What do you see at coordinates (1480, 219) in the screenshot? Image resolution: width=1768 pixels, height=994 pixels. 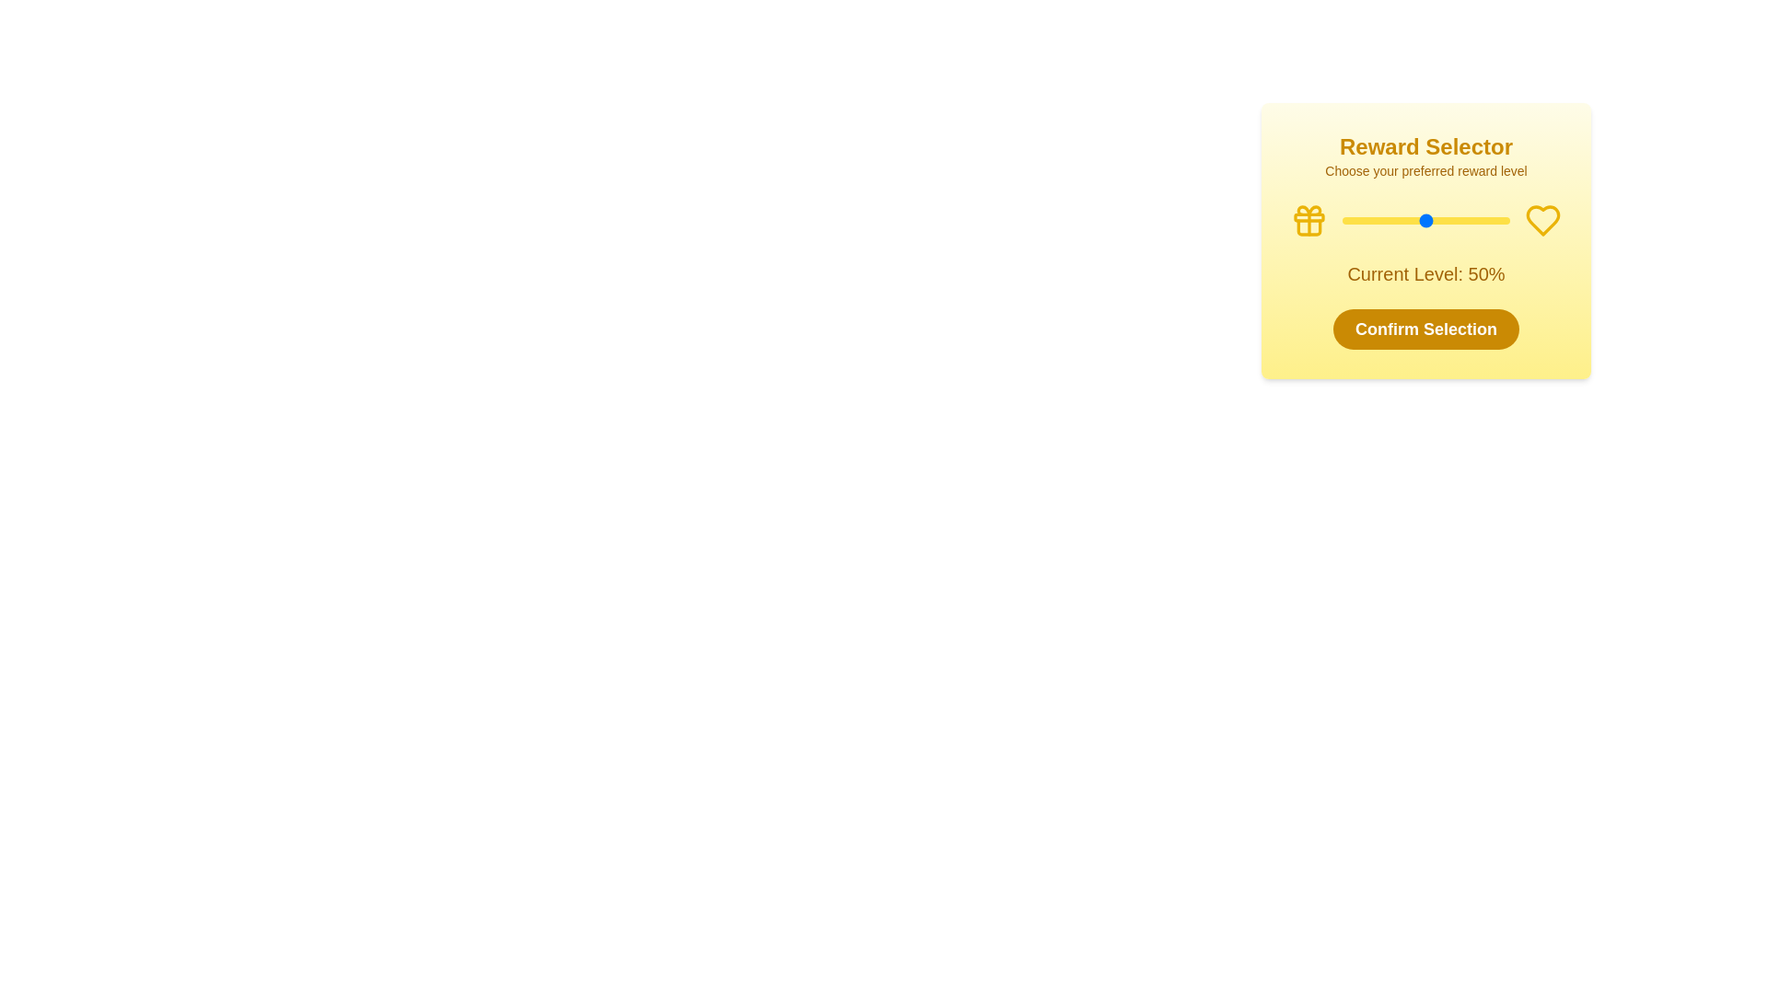 I see `the reward level` at bounding box center [1480, 219].